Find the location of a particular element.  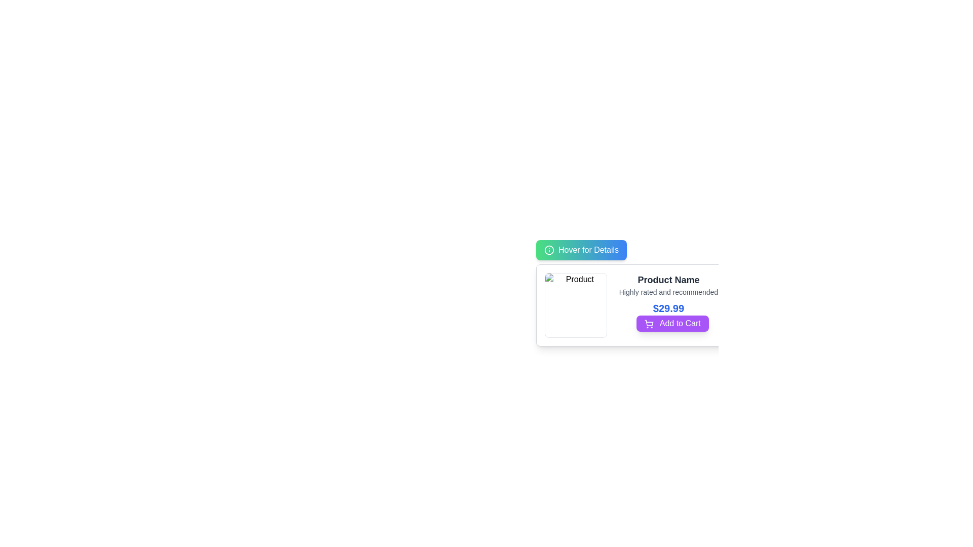

the product title text located at the top of the product card, which is positioned above the 'Highly rated and recommended' text is located at coordinates (668, 280).